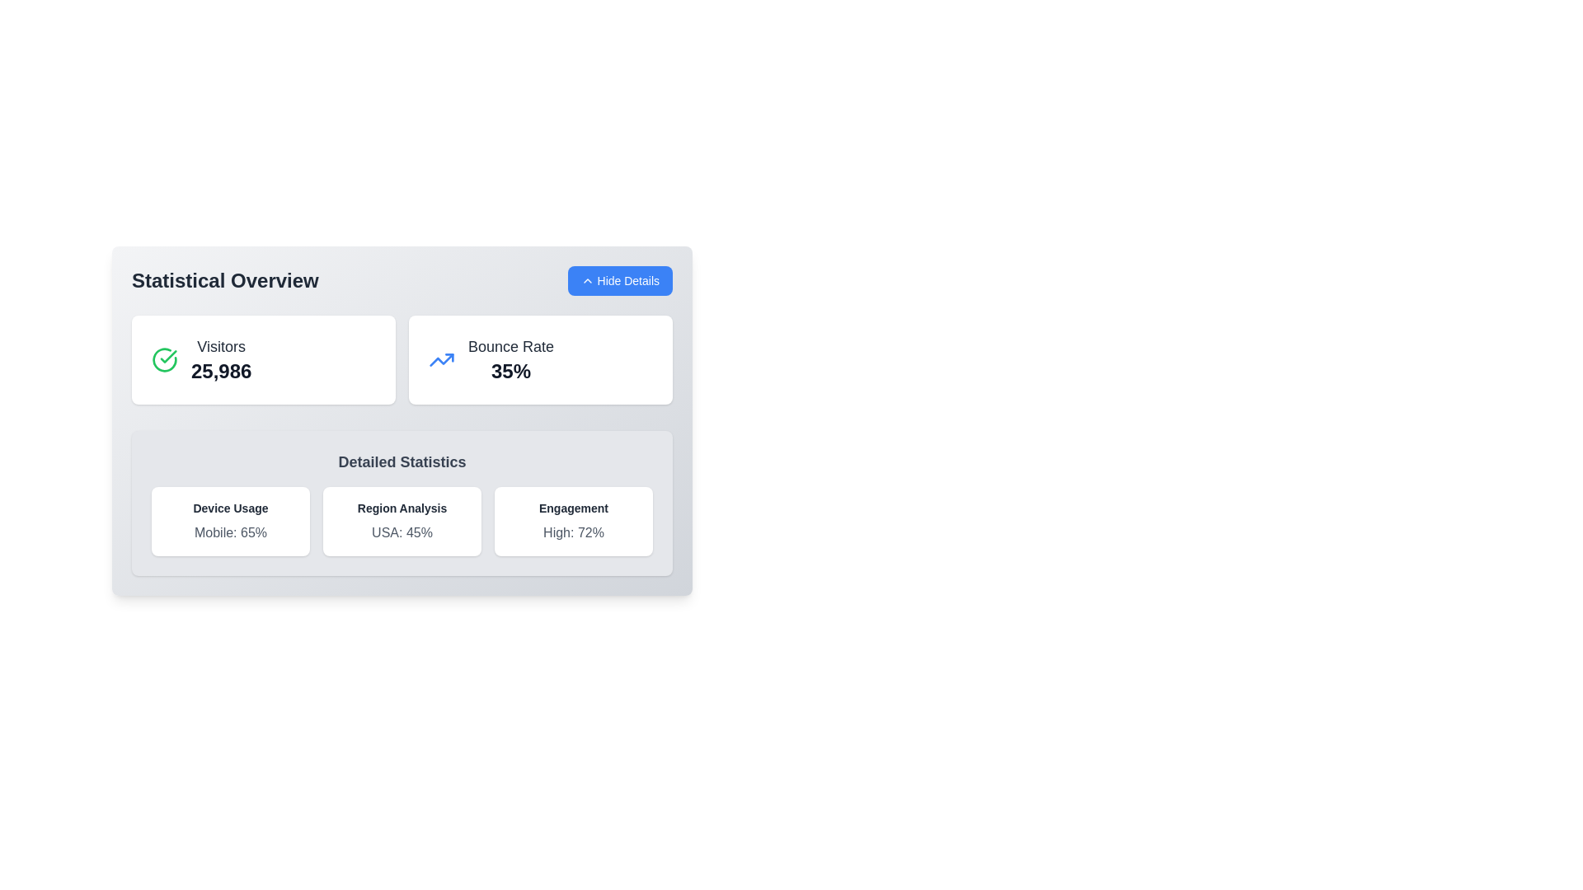 This screenshot has height=890, width=1583. I want to click on the informational display card located in the bottom right corner of the grid layout, displaying analytics information about user engagement, with a level of 'High' and a percentage of '72%.', so click(574, 521).